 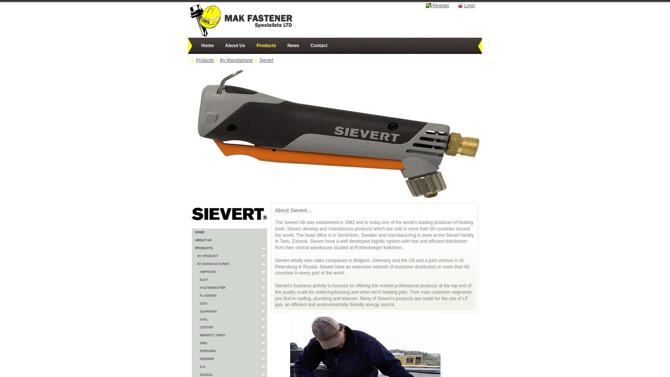 I want to click on 'Sievert', so click(x=266, y=60).